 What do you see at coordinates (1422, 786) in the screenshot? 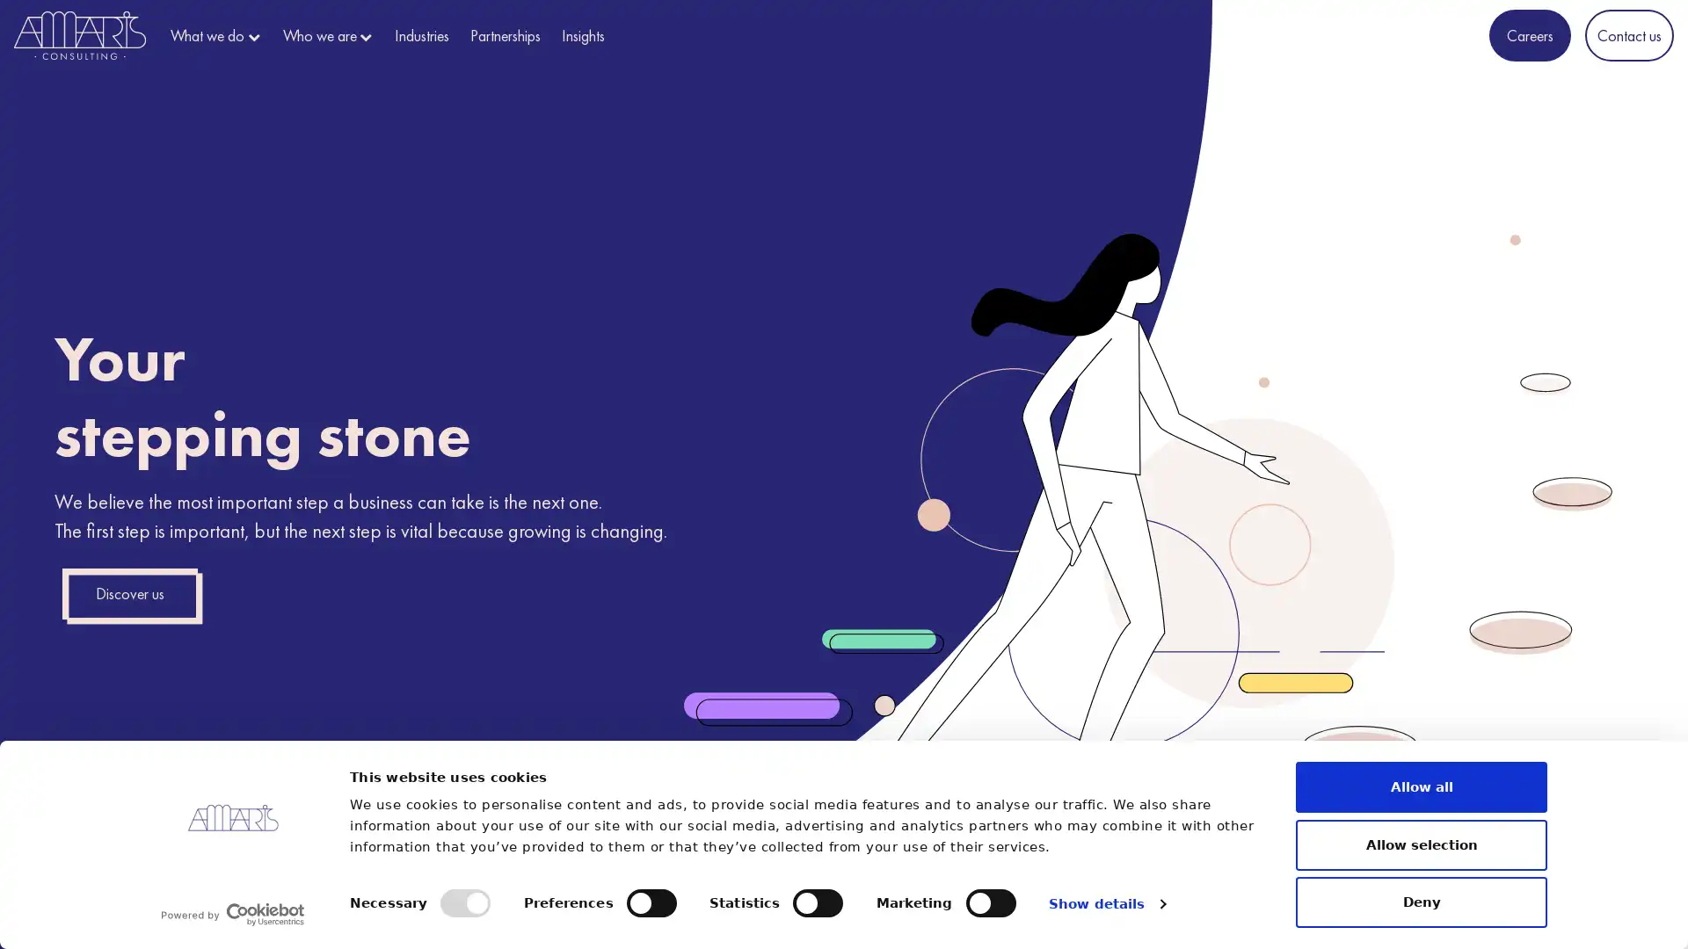
I see `Allow all` at bounding box center [1422, 786].